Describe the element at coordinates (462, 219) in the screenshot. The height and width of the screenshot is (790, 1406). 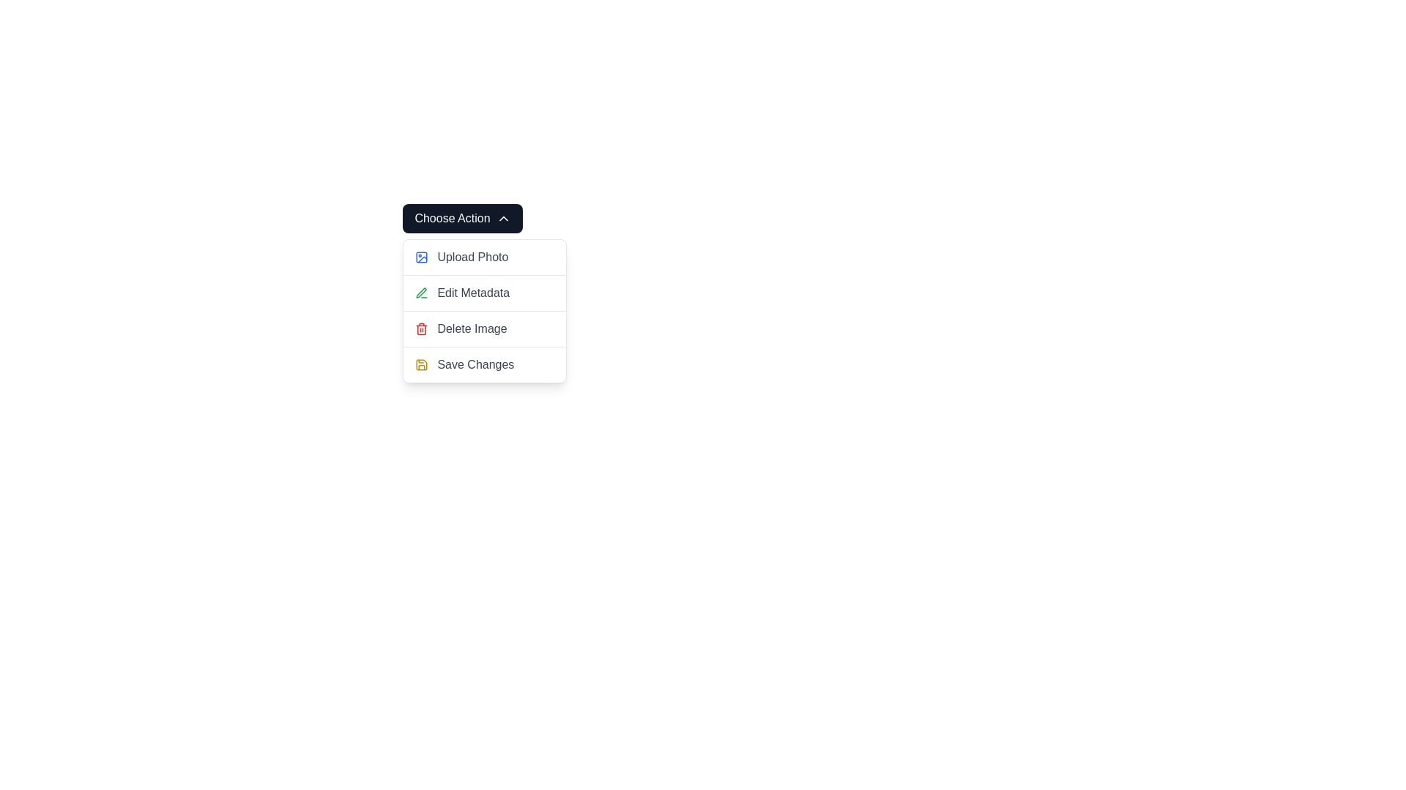
I see `the Dropdown Trigger Button located at the top center of the dropdown menu` at that location.